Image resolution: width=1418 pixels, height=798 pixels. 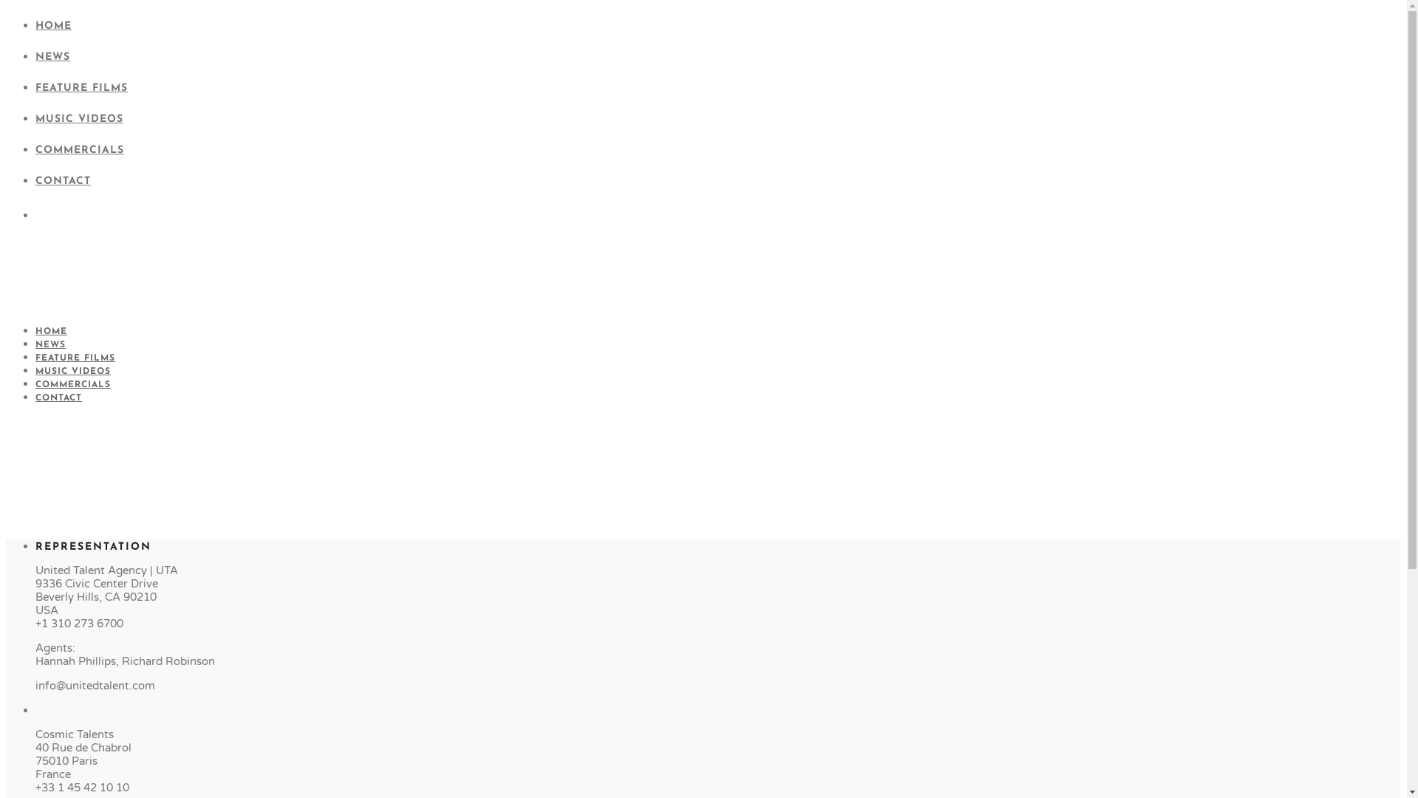 I want to click on 'FEATURE FILMS', so click(x=74, y=358).